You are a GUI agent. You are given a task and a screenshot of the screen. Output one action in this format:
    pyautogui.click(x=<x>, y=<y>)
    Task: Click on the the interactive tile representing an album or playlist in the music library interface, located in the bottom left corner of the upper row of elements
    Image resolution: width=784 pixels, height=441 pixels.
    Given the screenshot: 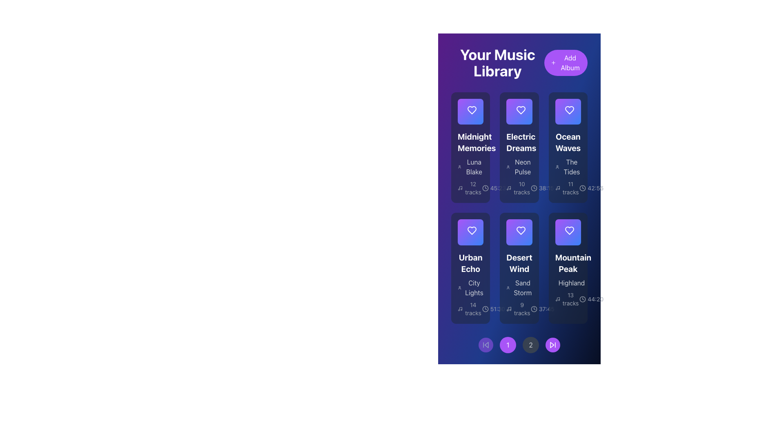 What is the action you would take?
    pyautogui.click(x=470, y=268)
    